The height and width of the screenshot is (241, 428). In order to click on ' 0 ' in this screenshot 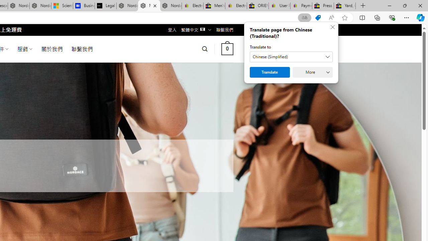, I will do `click(227, 49)`.